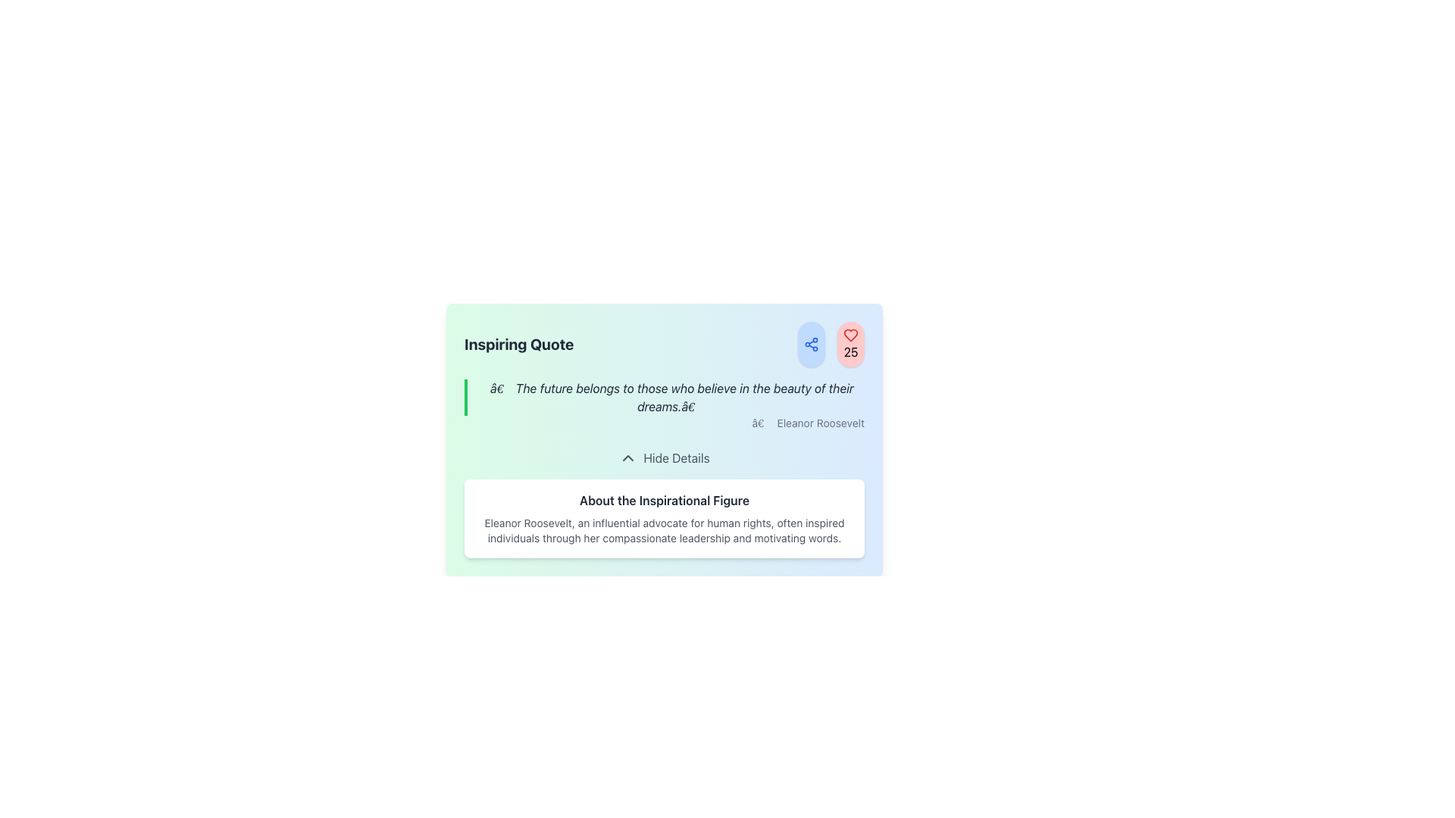 This screenshot has width=1455, height=818. I want to click on the chevron icon located to the left of the 'Hide Details' text, so click(628, 457).